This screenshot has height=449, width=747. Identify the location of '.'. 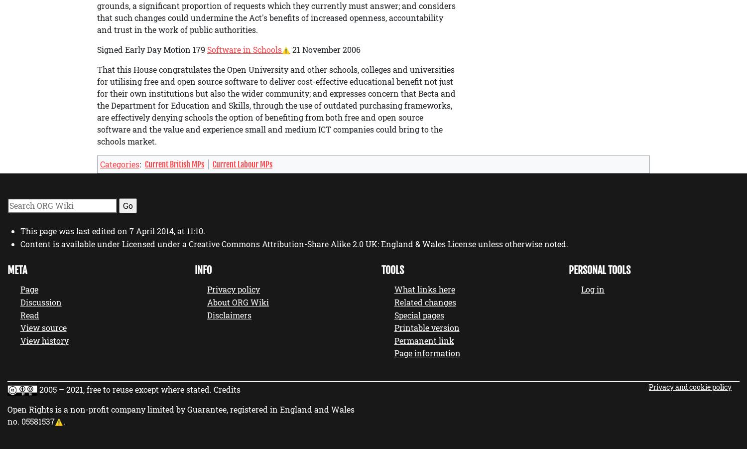
(64, 421).